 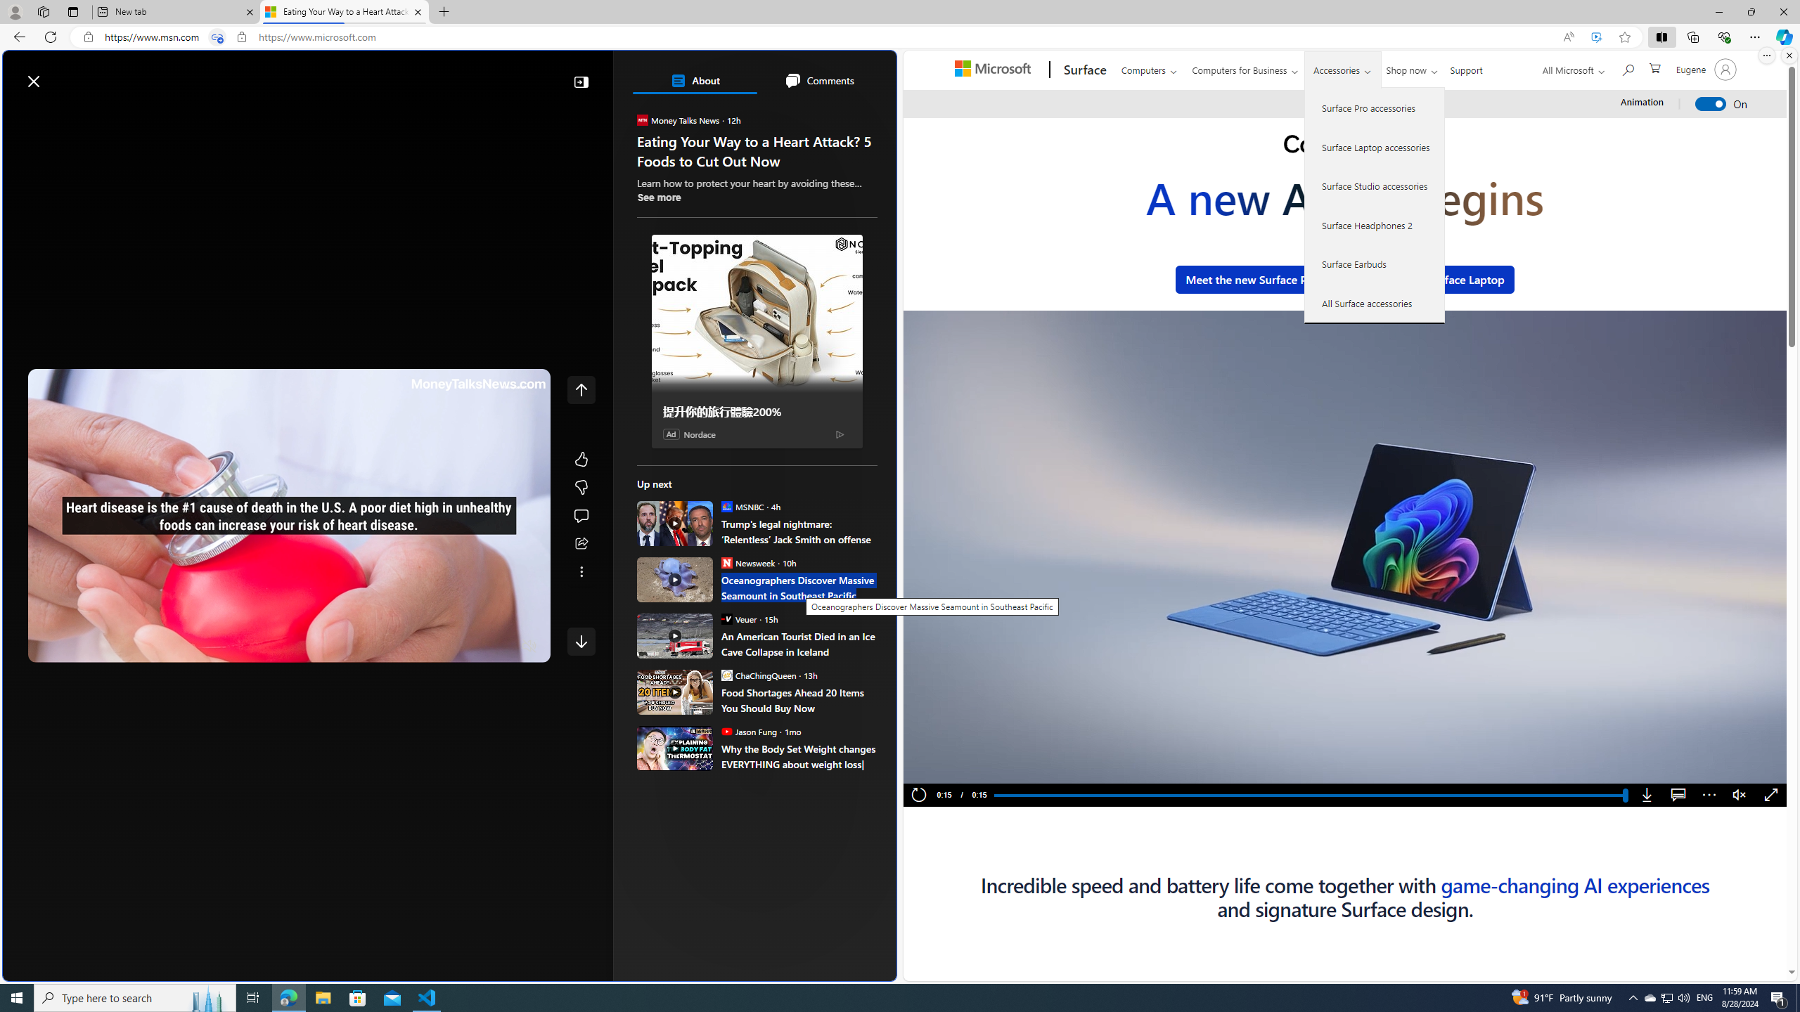 What do you see at coordinates (1083, 70) in the screenshot?
I see `'Surface'` at bounding box center [1083, 70].